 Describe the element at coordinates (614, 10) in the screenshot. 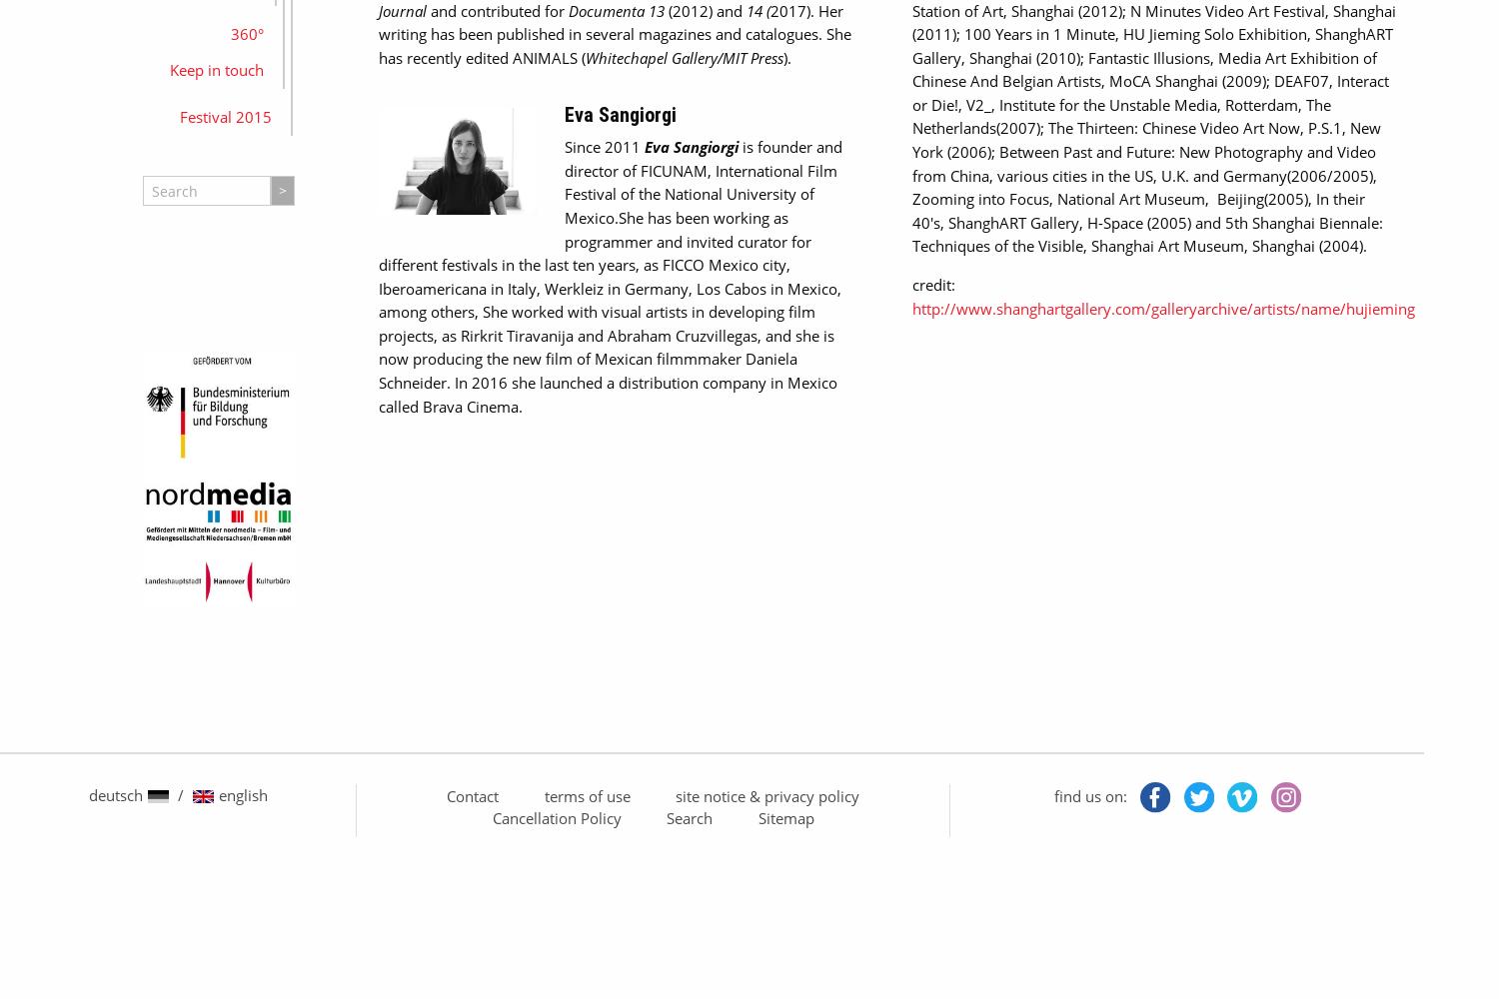

I see `'Documenta 13'` at that location.